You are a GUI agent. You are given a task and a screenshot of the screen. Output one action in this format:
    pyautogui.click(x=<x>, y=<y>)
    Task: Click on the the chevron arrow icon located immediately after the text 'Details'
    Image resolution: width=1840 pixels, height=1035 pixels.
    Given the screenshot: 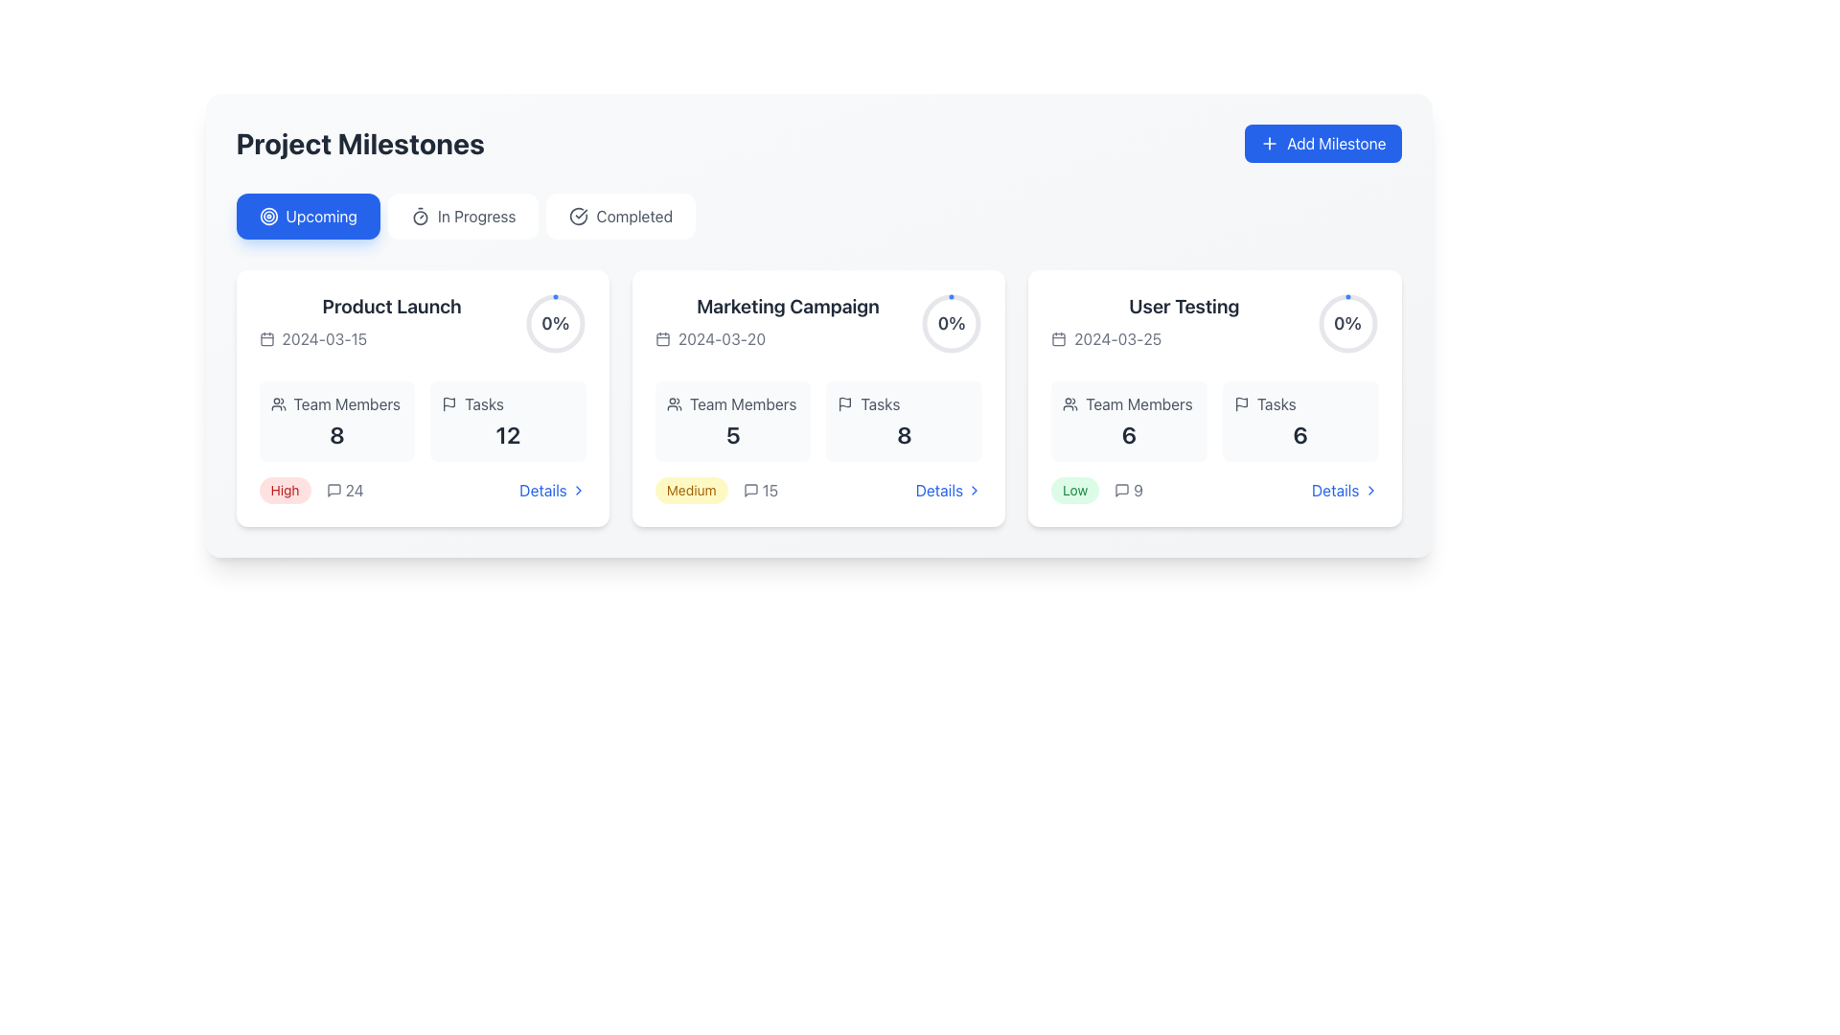 What is the action you would take?
    pyautogui.click(x=577, y=490)
    